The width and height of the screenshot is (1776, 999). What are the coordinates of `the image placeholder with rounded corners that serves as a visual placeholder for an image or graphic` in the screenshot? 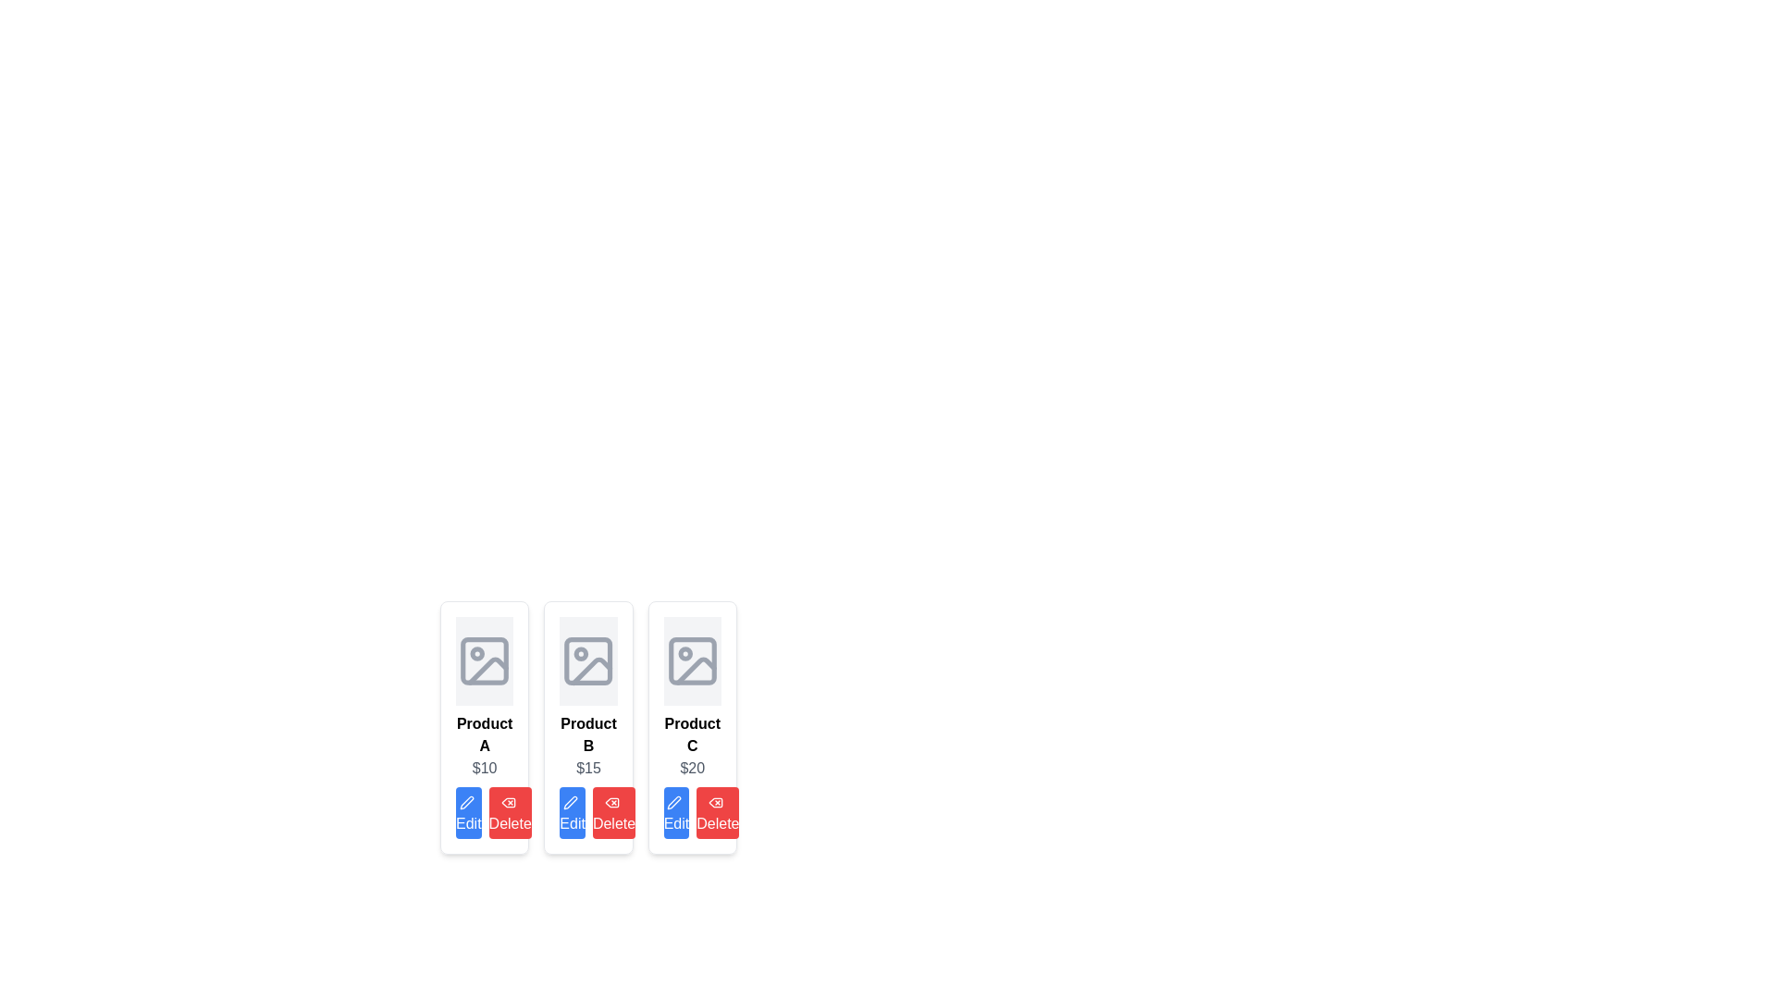 It's located at (485, 660).